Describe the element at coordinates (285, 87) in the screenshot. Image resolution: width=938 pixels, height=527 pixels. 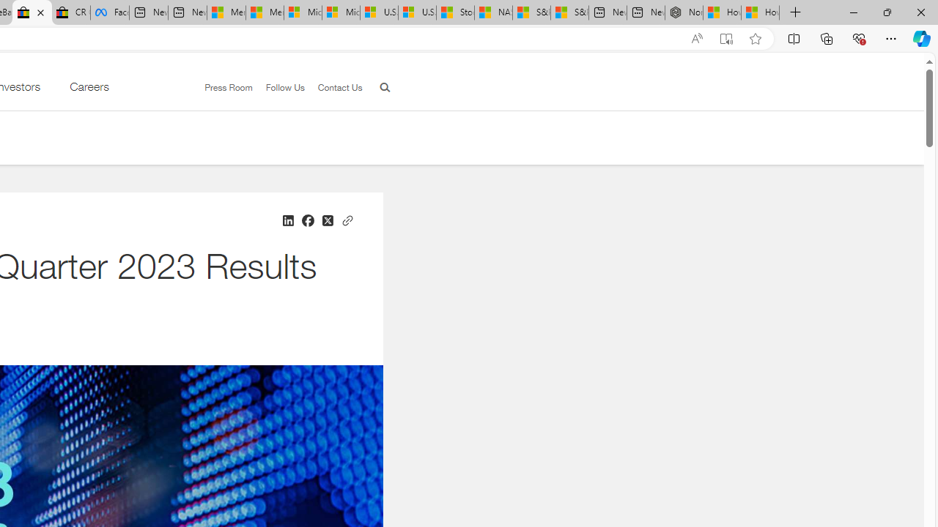
I see `'Follow Us'` at that location.